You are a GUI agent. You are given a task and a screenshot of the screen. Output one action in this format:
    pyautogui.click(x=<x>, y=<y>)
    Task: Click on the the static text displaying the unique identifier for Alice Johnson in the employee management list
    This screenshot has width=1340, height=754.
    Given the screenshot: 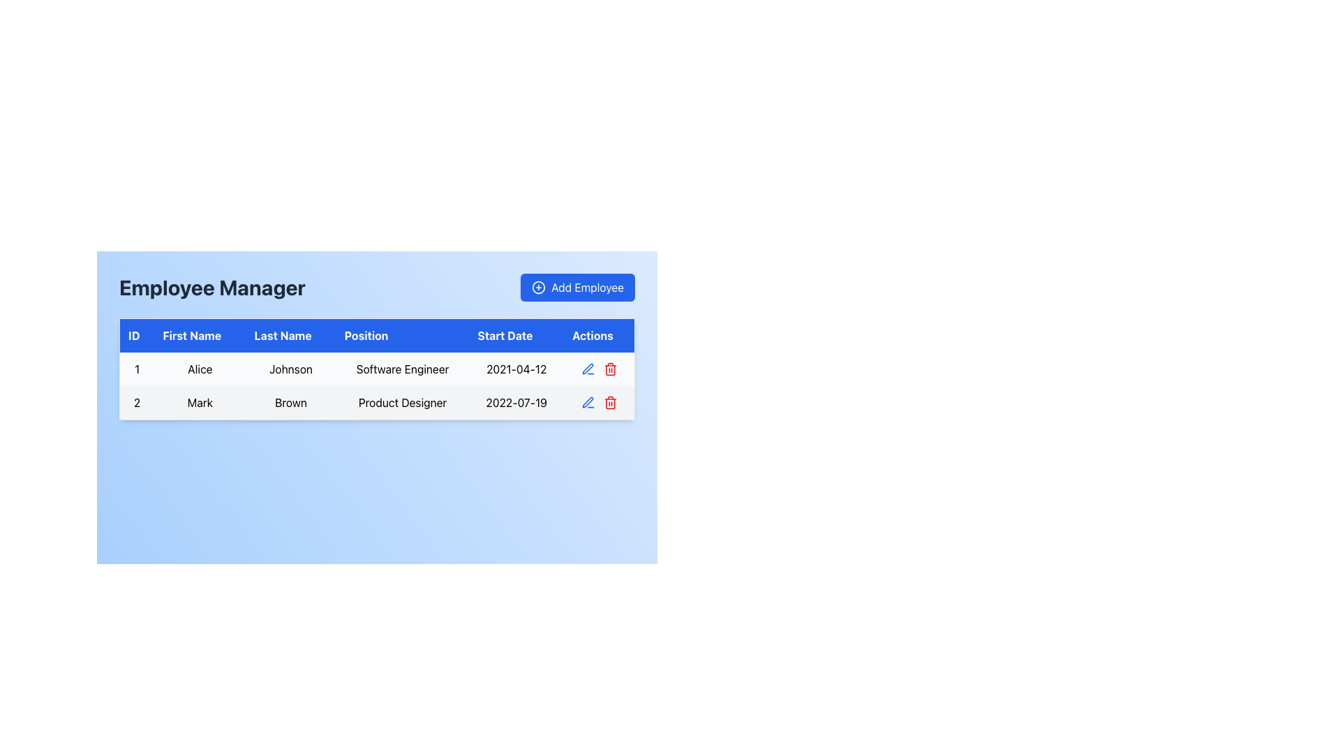 What is the action you would take?
    pyautogui.click(x=137, y=368)
    